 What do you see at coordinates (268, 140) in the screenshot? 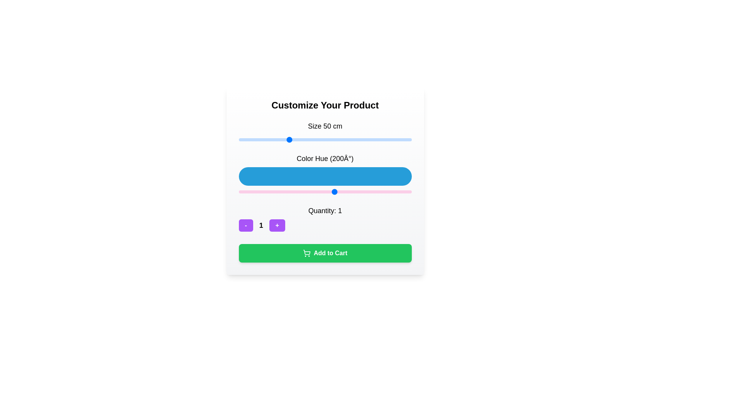
I see `the size` at bounding box center [268, 140].